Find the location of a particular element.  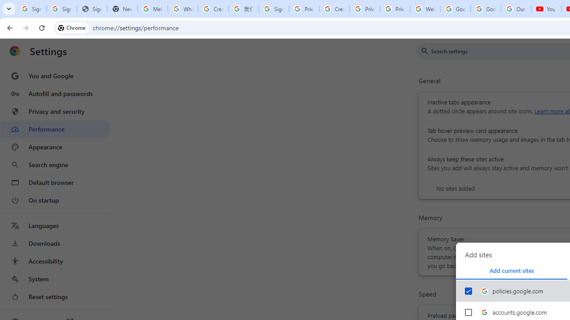

'Welcome to My Activity' is located at coordinates (424, 9).